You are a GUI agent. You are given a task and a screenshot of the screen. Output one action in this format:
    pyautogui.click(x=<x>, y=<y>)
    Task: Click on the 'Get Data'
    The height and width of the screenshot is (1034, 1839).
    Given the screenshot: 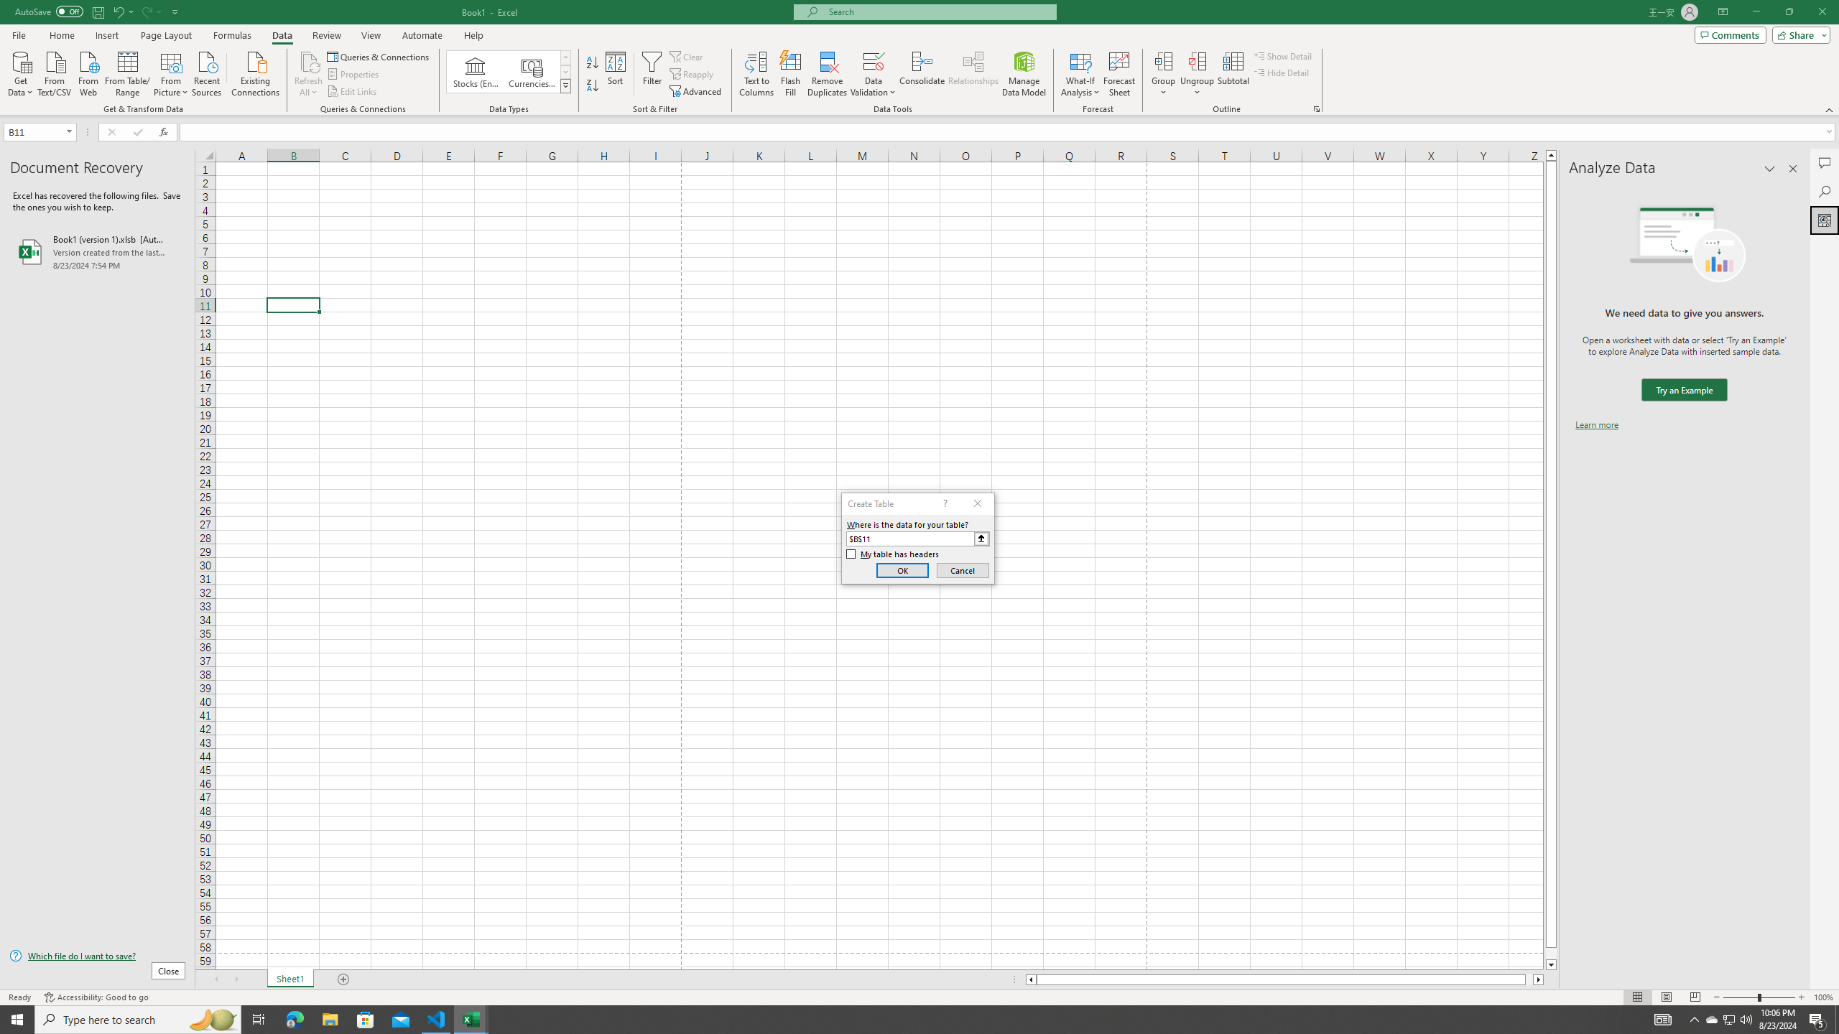 What is the action you would take?
    pyautogui.click(x=20, y=72)
    